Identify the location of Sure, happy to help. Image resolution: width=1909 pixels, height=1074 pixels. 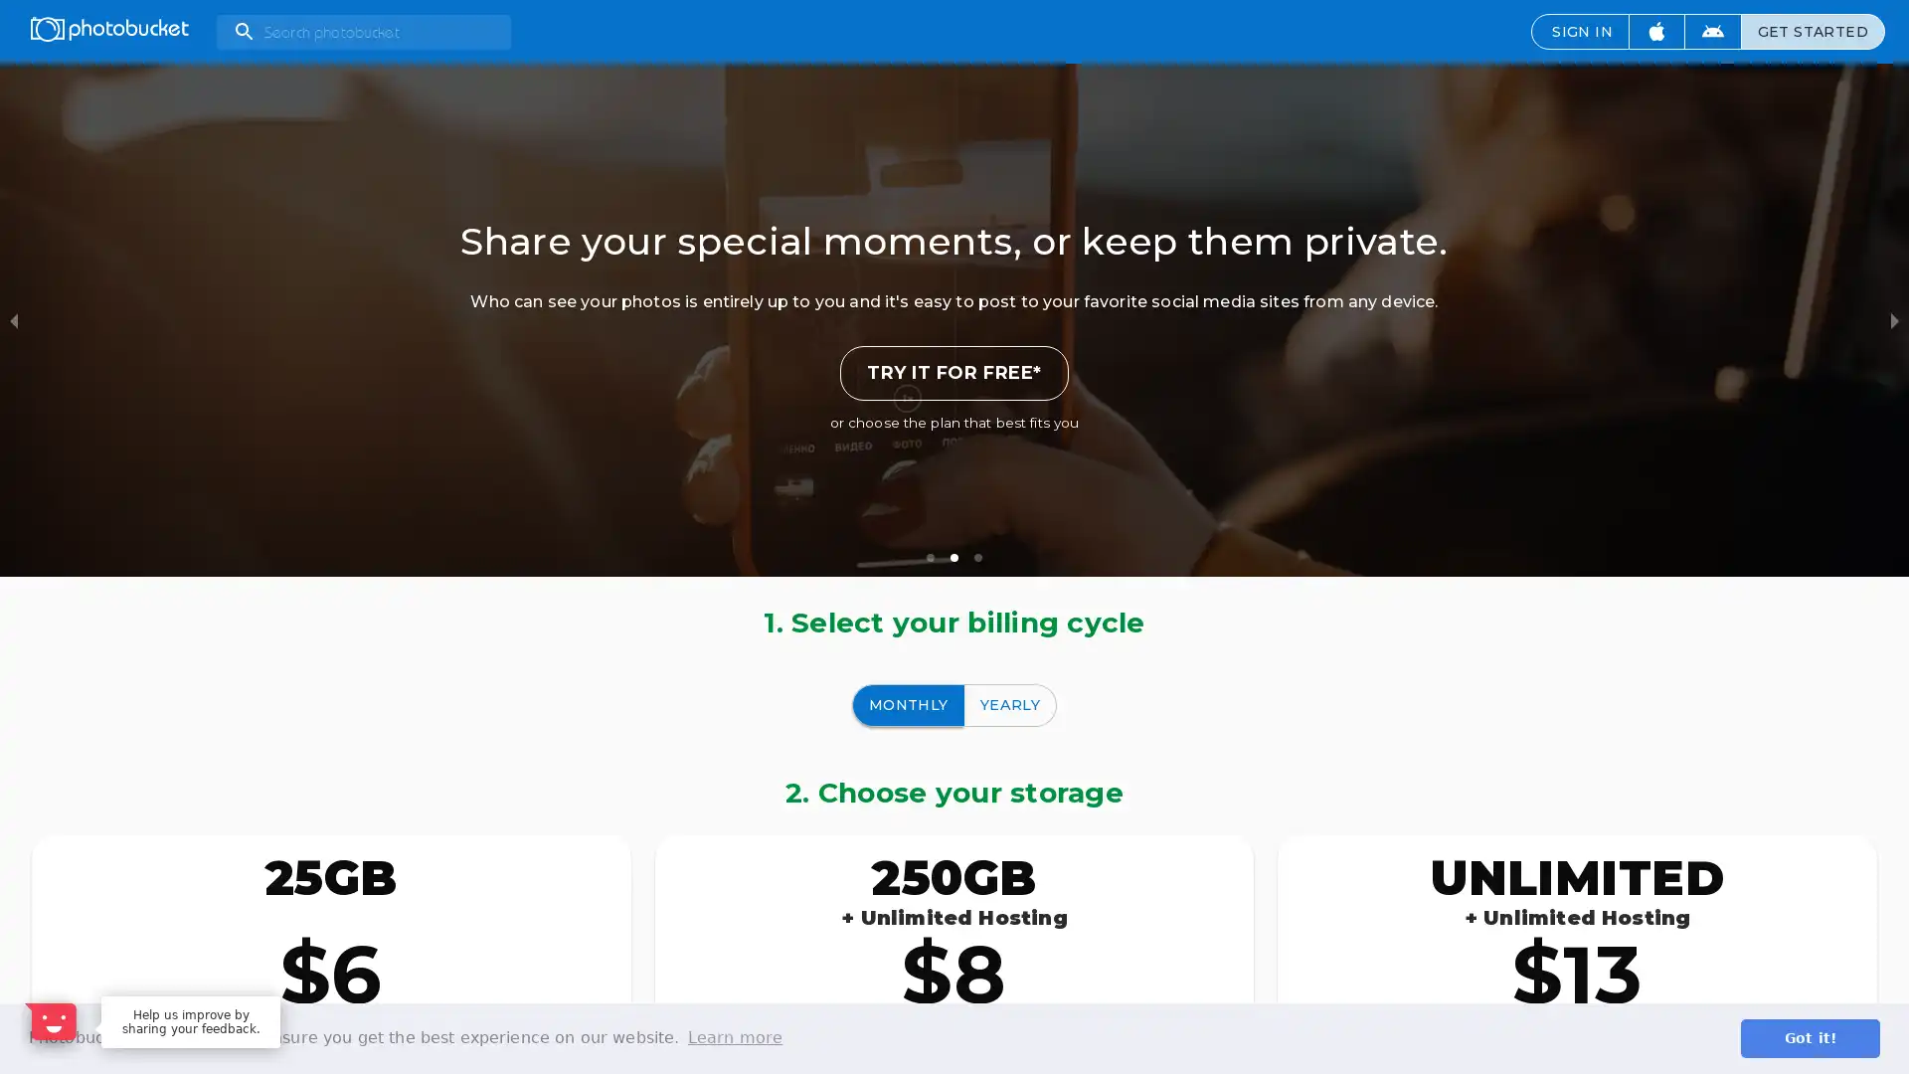
(1774, 995).